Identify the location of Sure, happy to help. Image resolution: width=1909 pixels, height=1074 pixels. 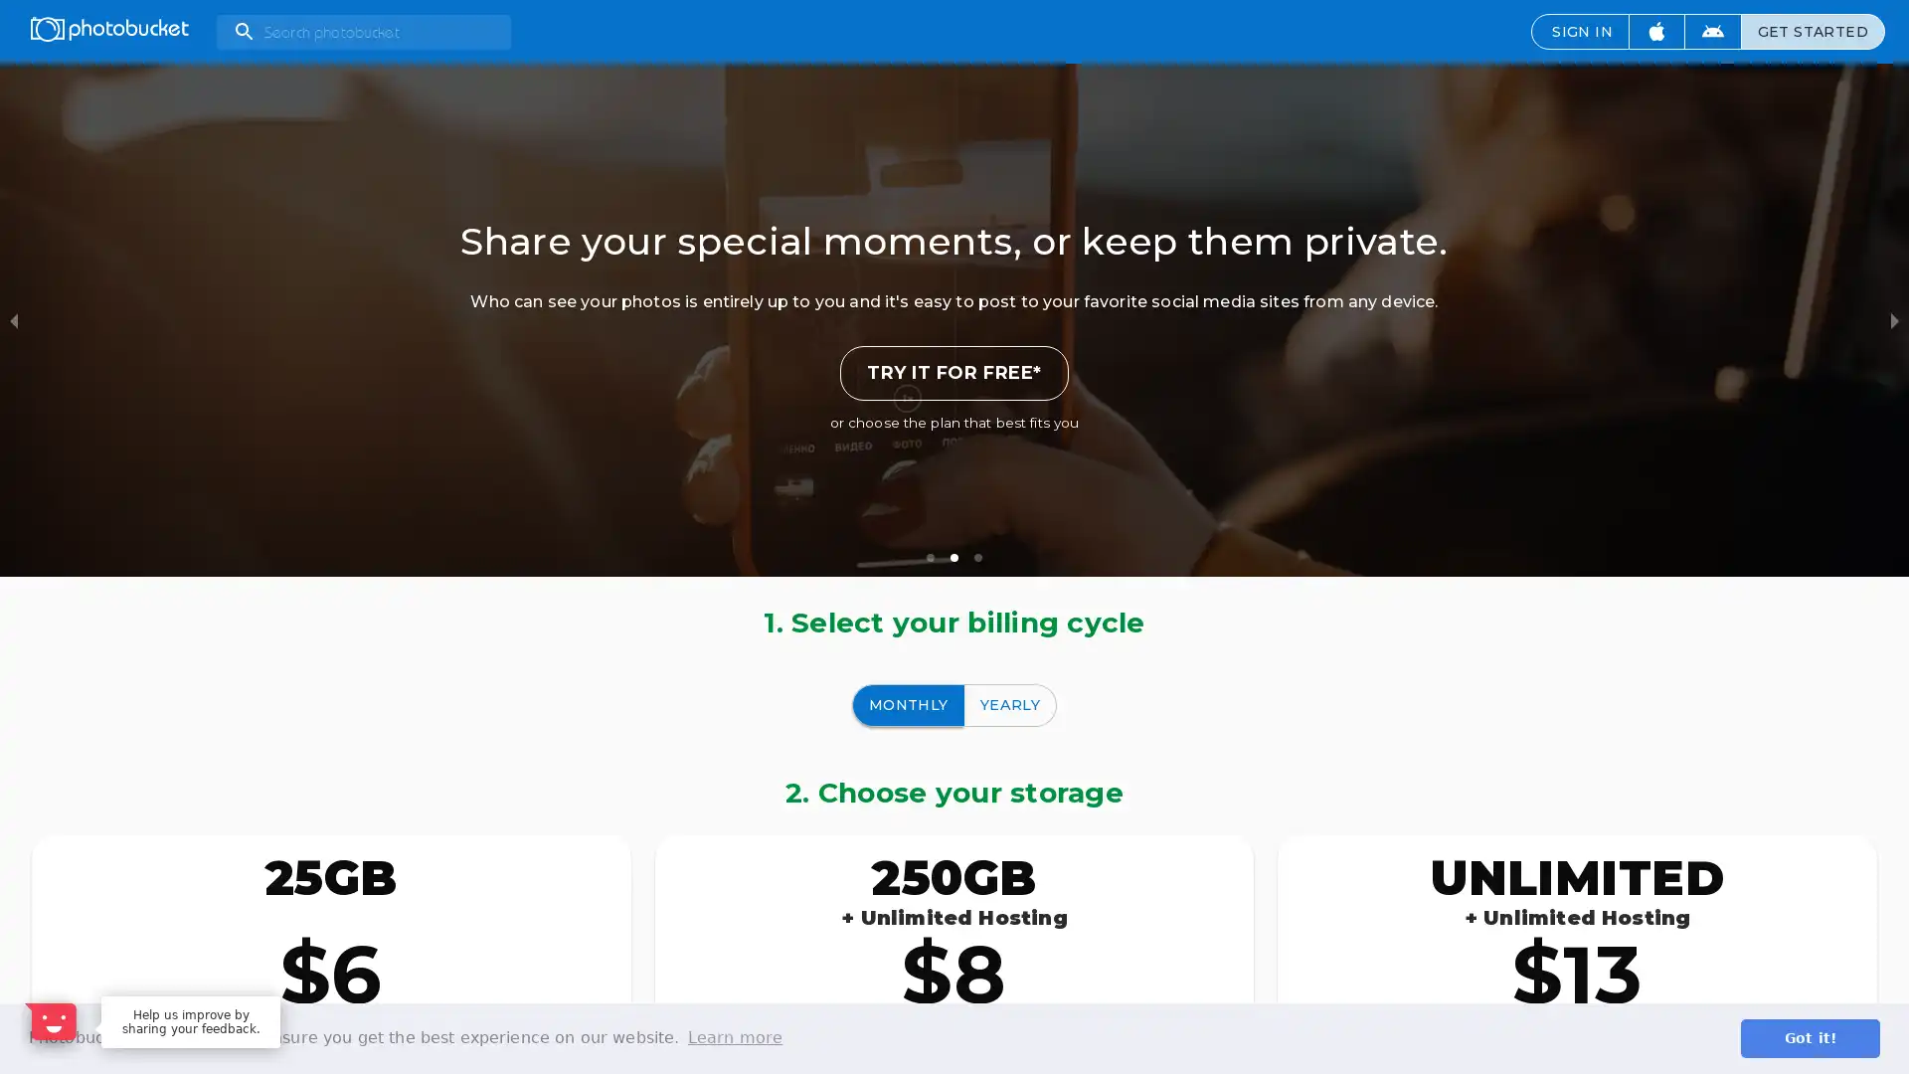
(1774, 995).